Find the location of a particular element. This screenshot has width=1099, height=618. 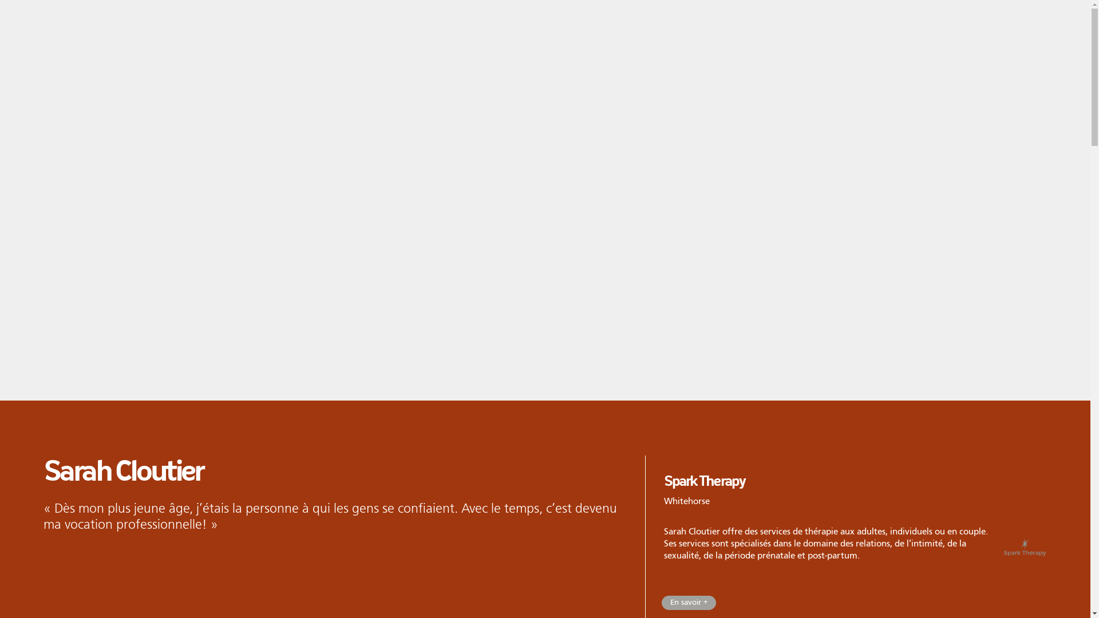

'En savoir +' is located at coordinates (688, 602).